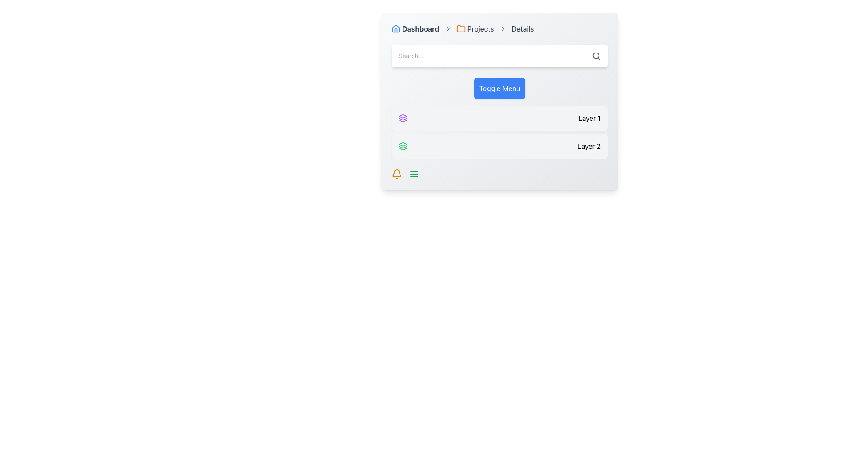  I want to click on the blue house icon with a triangular roof and a rectangular base located in the breadcrumb navigation bar, so click(395, 28).